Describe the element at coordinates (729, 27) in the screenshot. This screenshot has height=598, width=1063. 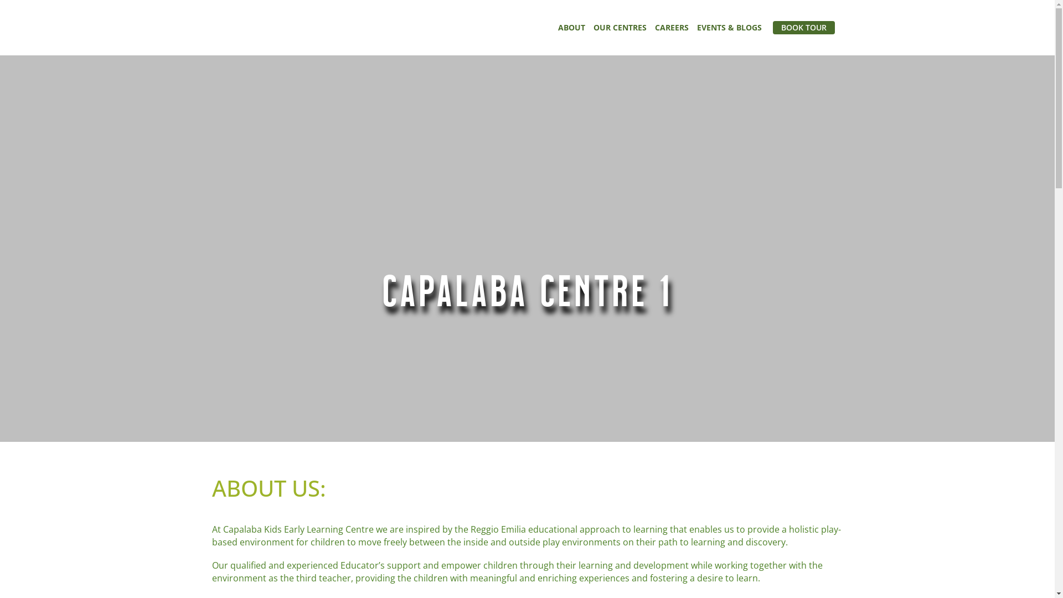
I see `'EVENTS & BLOGS'` at that location.